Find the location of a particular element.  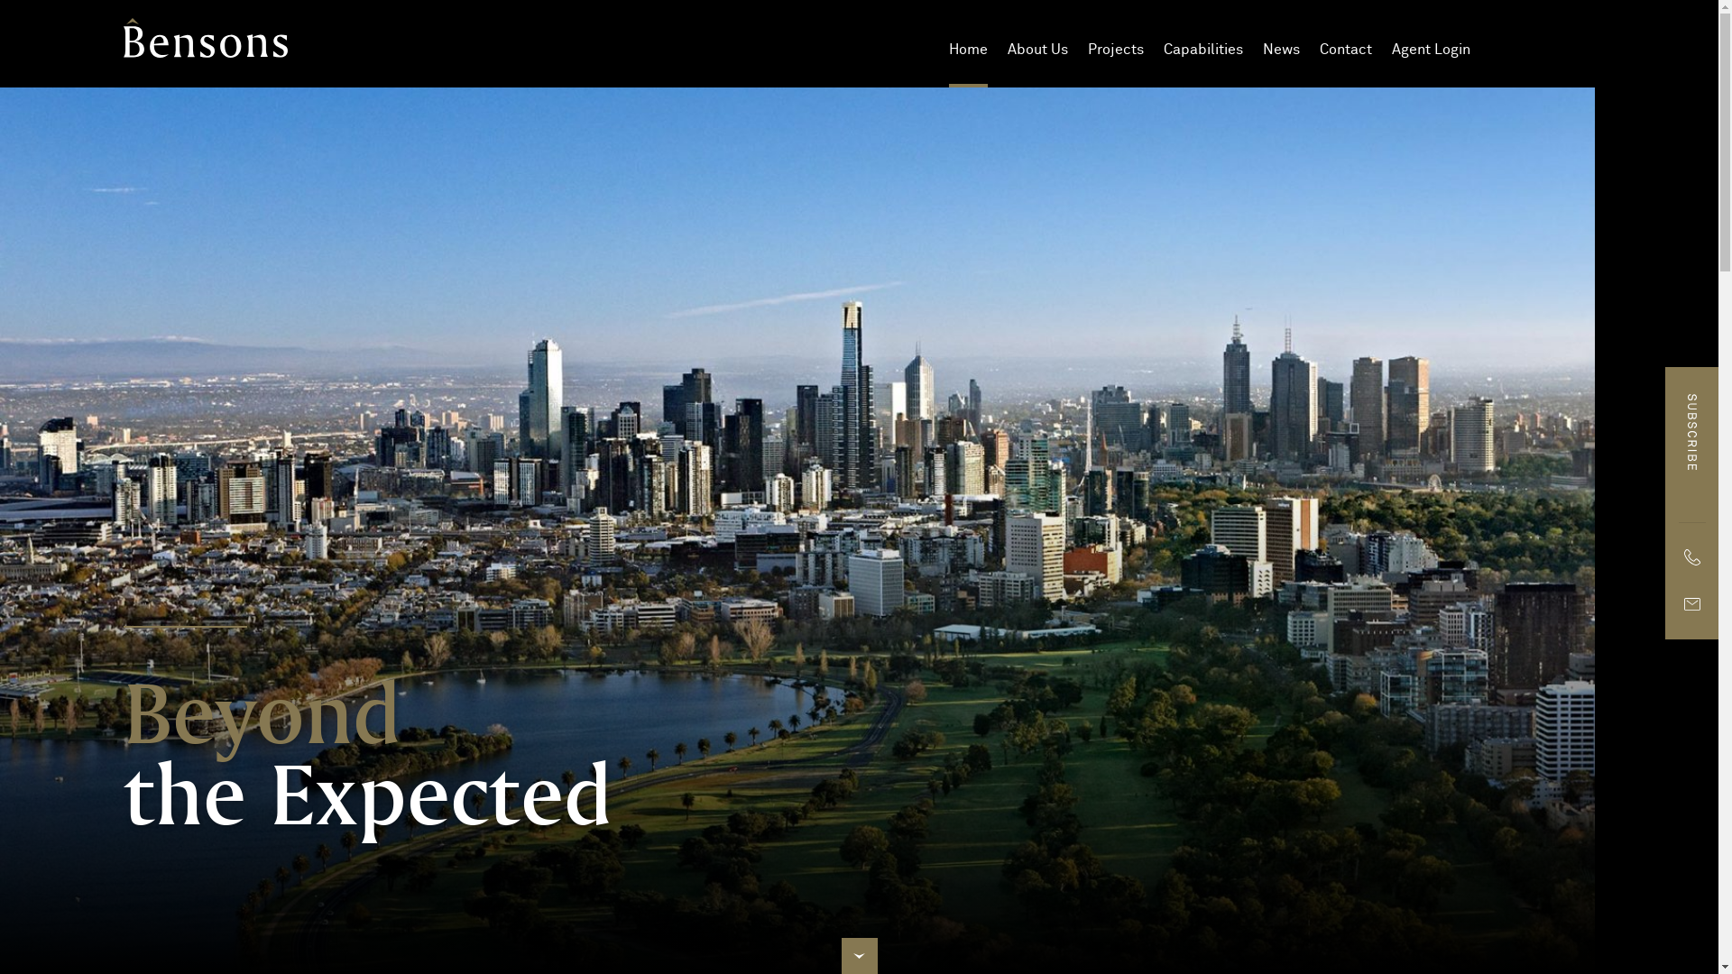

'Capabilities' is located at coordinates (1203, 48).